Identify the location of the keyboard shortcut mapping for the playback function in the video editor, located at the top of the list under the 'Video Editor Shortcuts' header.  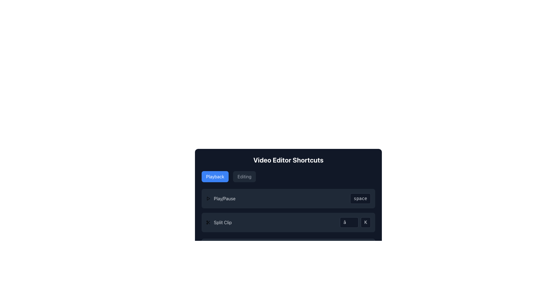
(288, 198).